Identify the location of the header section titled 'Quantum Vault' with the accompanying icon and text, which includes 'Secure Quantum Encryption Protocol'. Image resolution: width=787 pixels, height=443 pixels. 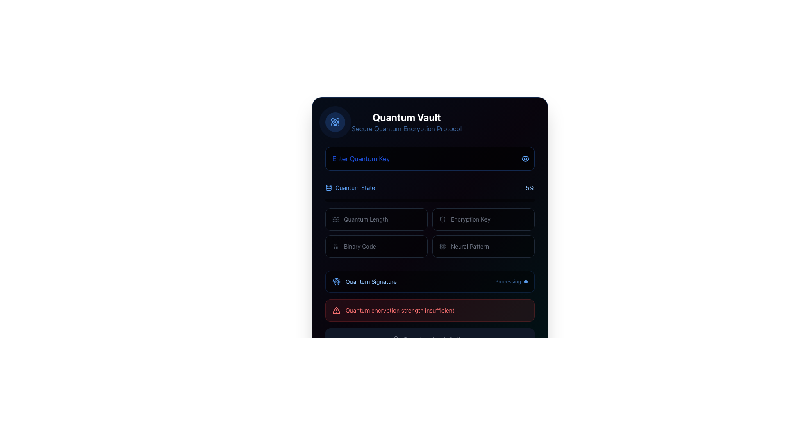
(430, 122).